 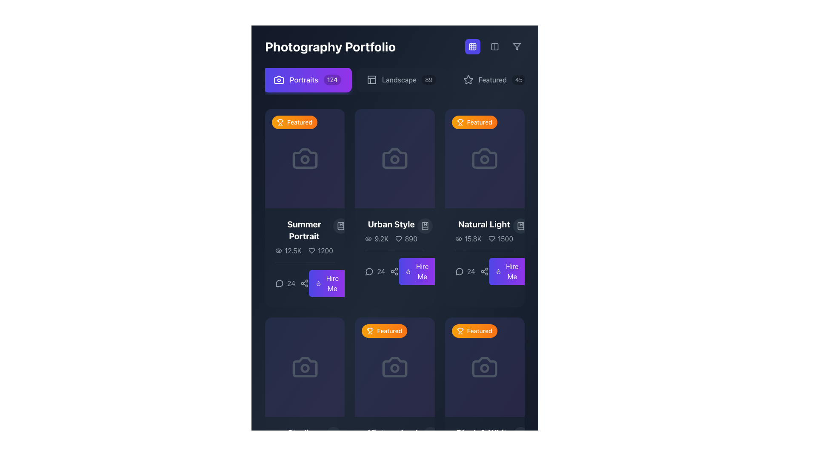 What do you see at coordinates (307, 80) in the screenshot?
I see `the 'Portraits' category filter button, which is the first button in a horizontal list at the top of the section, to filter the content` at bounding box center [307, 80].